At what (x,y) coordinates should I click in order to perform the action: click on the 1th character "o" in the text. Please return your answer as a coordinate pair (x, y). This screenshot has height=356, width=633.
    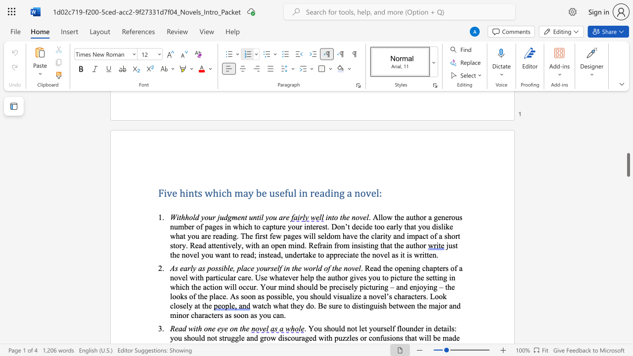
    Looking at the image, I should click on (205, 328).